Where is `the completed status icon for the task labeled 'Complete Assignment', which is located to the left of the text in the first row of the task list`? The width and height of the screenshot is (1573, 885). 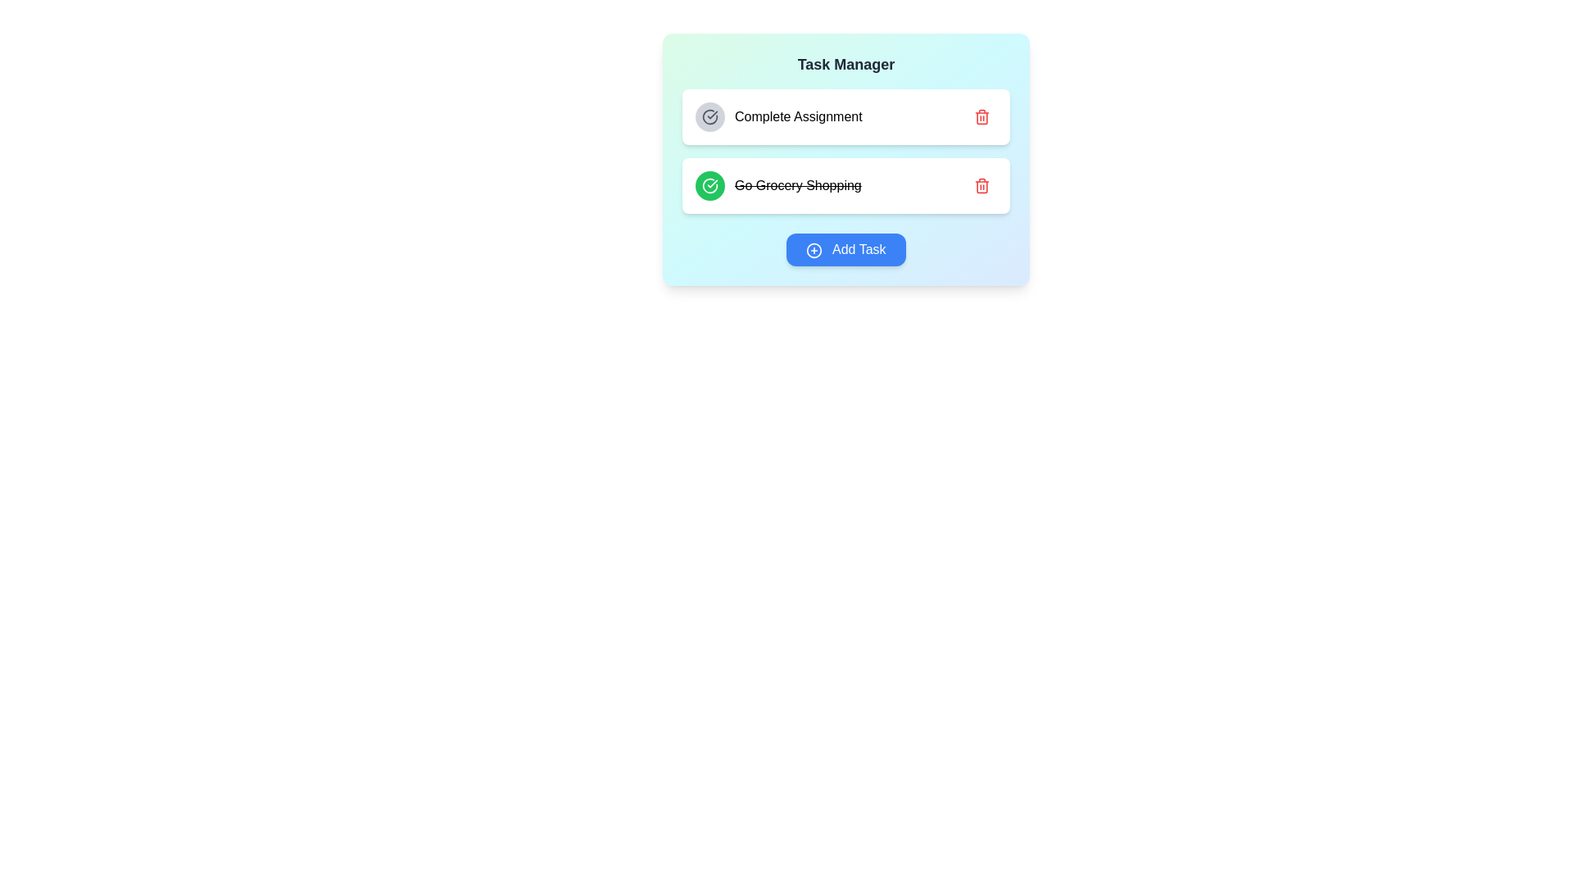 the completed status icon for the task labeled 'Complete Assignment', which is located to the left of the text in the first row of the task list is located at coordinates (710, 116).